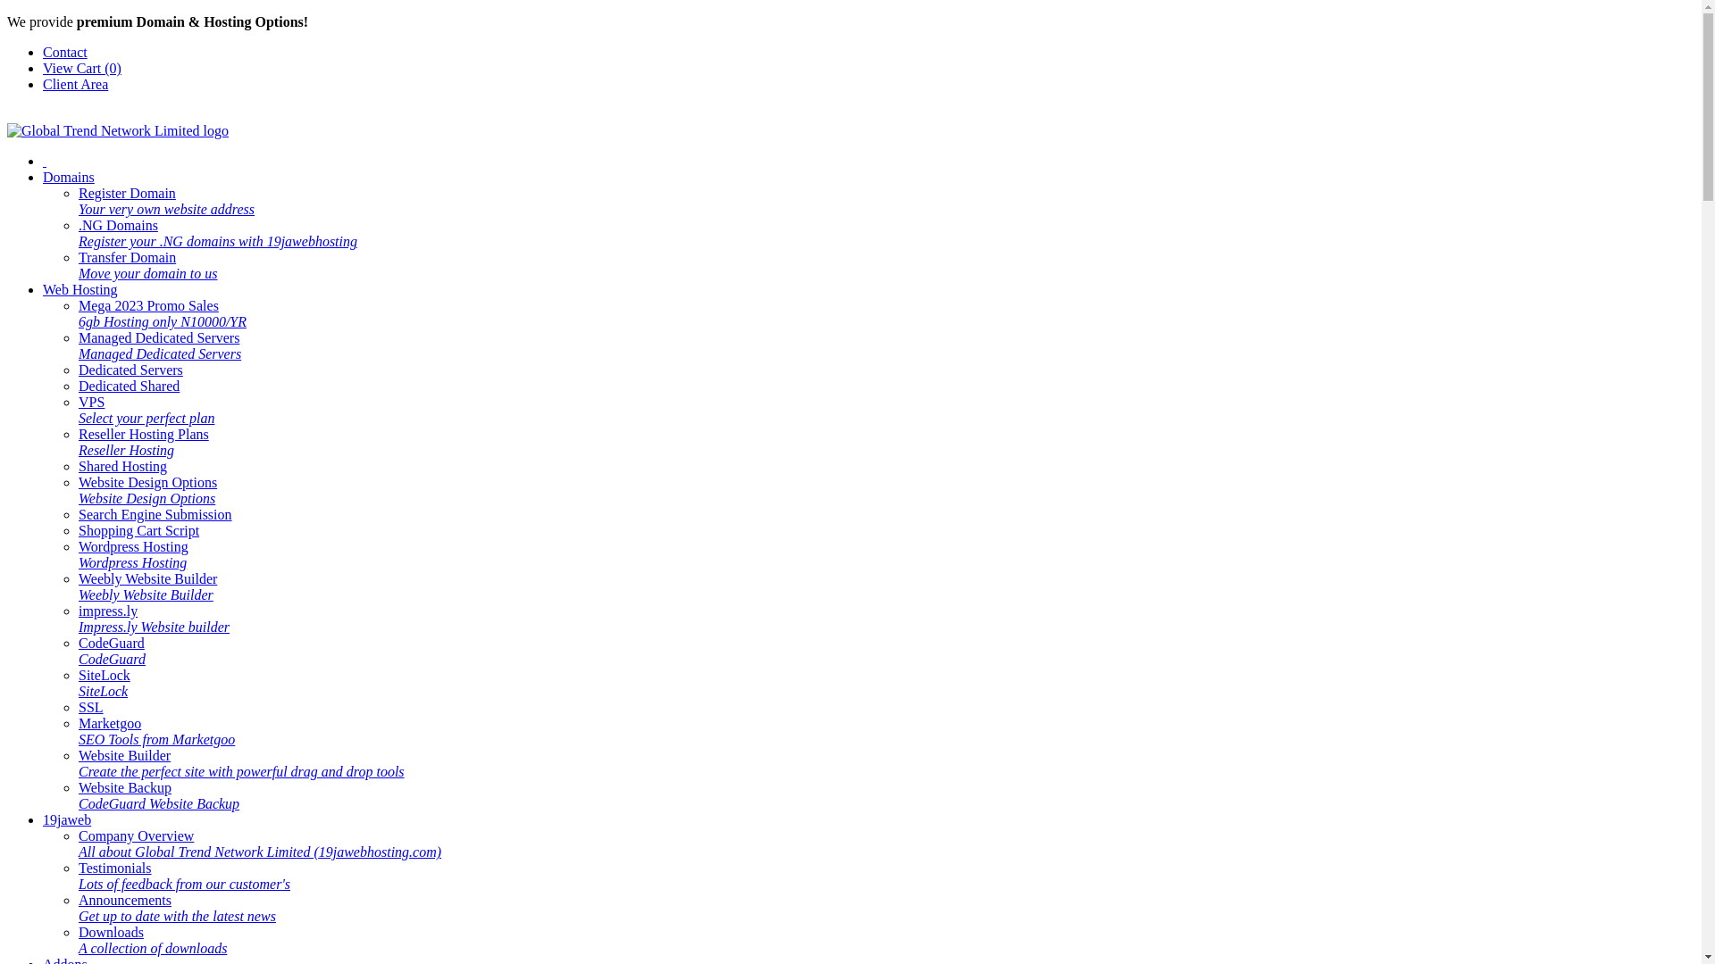 The image size is (1715, 964). Describe the element at coordinates (74, 84) in the screenshot. I see `'Client Area'` at that location.